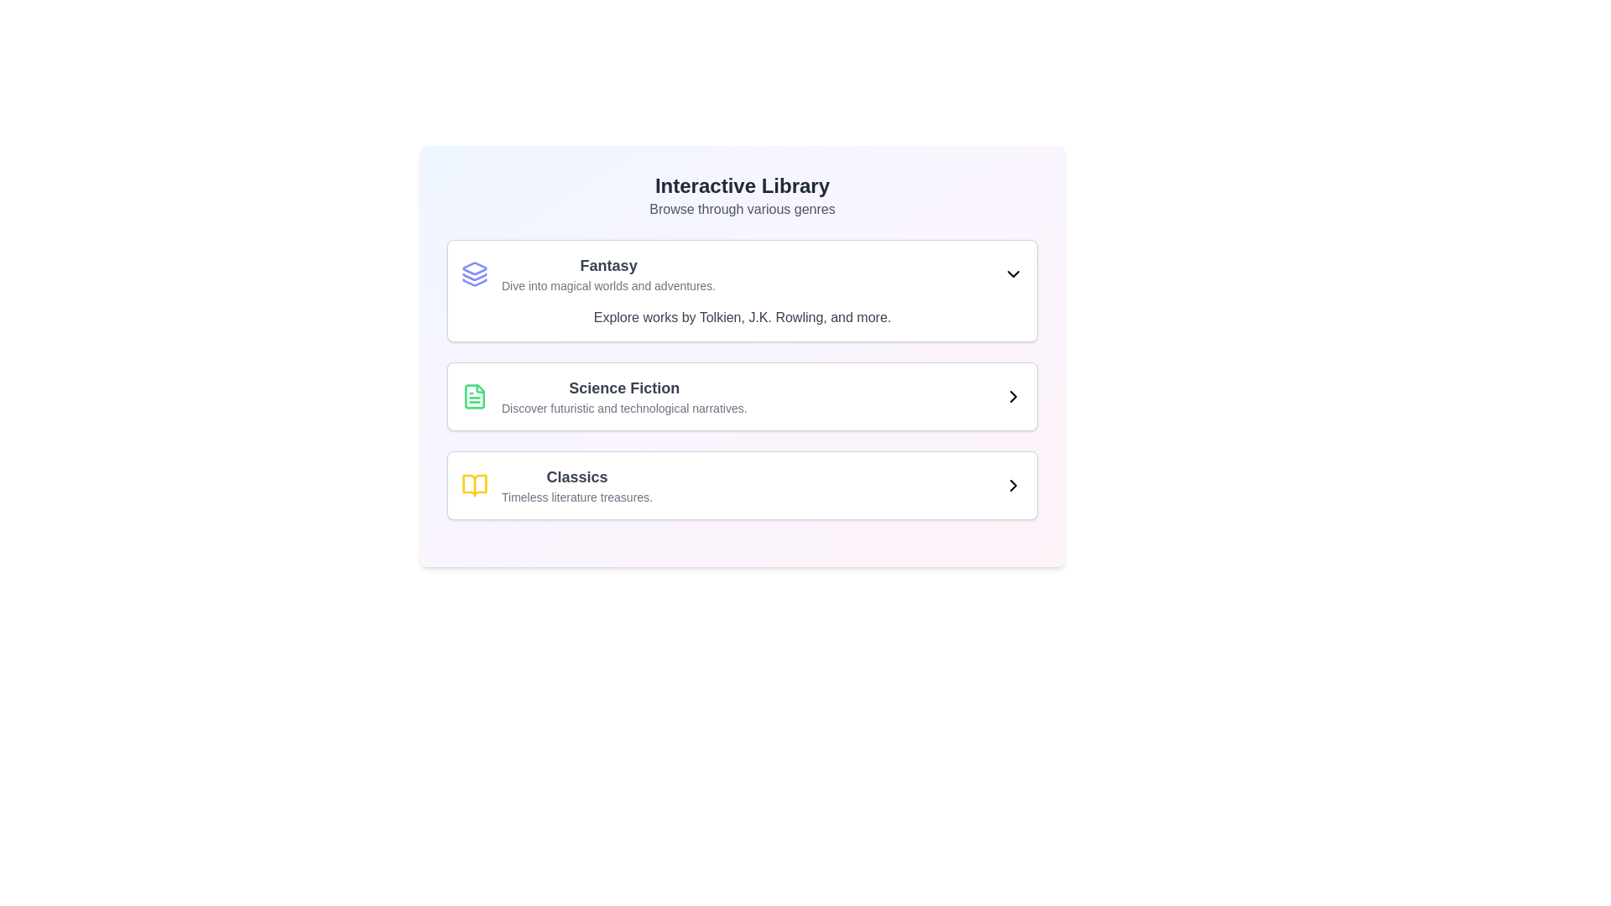 The height and width of the screenshot is (906, 1611). I want to click on the Navigation Icon located on the far right side of the 'Science Fiction' section, so click(1013, 397).